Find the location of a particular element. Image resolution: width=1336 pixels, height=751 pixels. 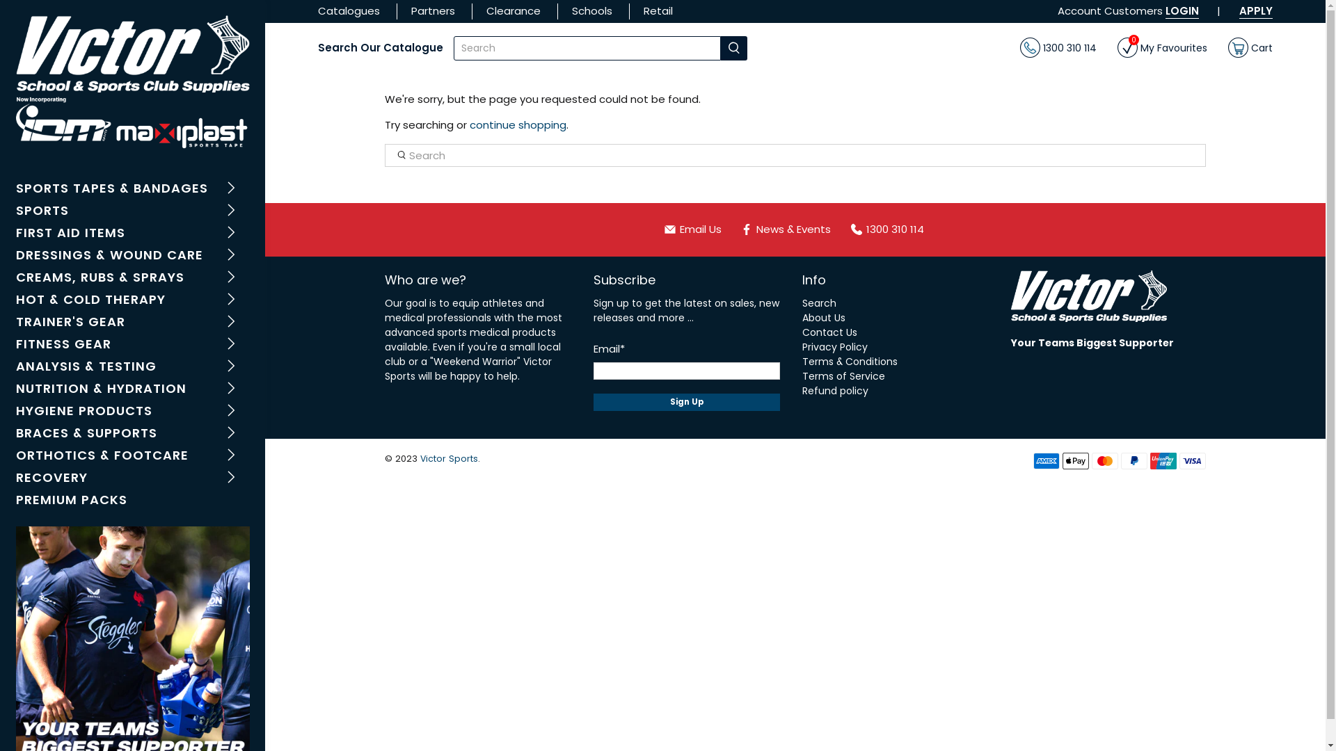

'My Favourites is located at coordinates (1118, 47).